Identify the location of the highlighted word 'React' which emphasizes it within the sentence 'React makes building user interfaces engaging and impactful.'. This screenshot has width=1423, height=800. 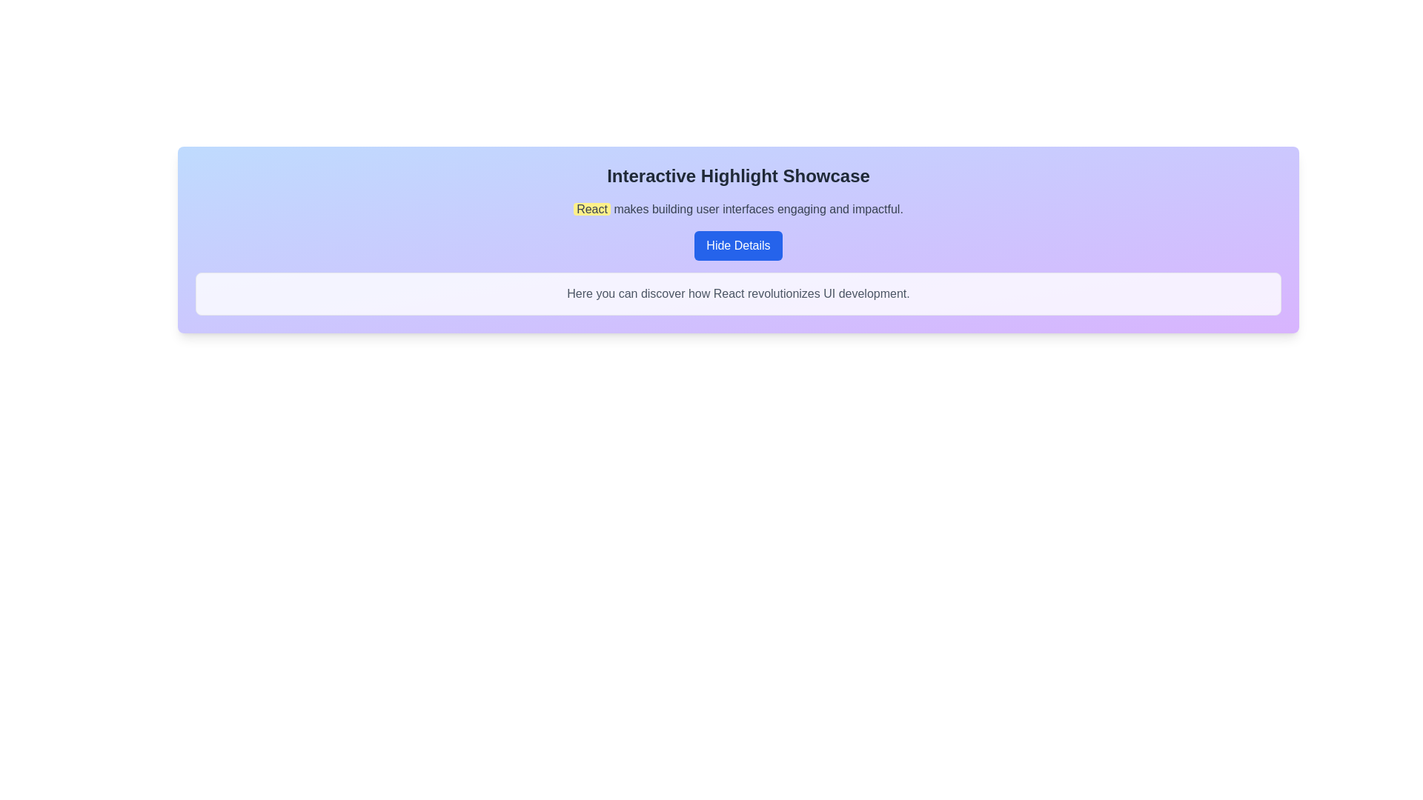
(591, 209).